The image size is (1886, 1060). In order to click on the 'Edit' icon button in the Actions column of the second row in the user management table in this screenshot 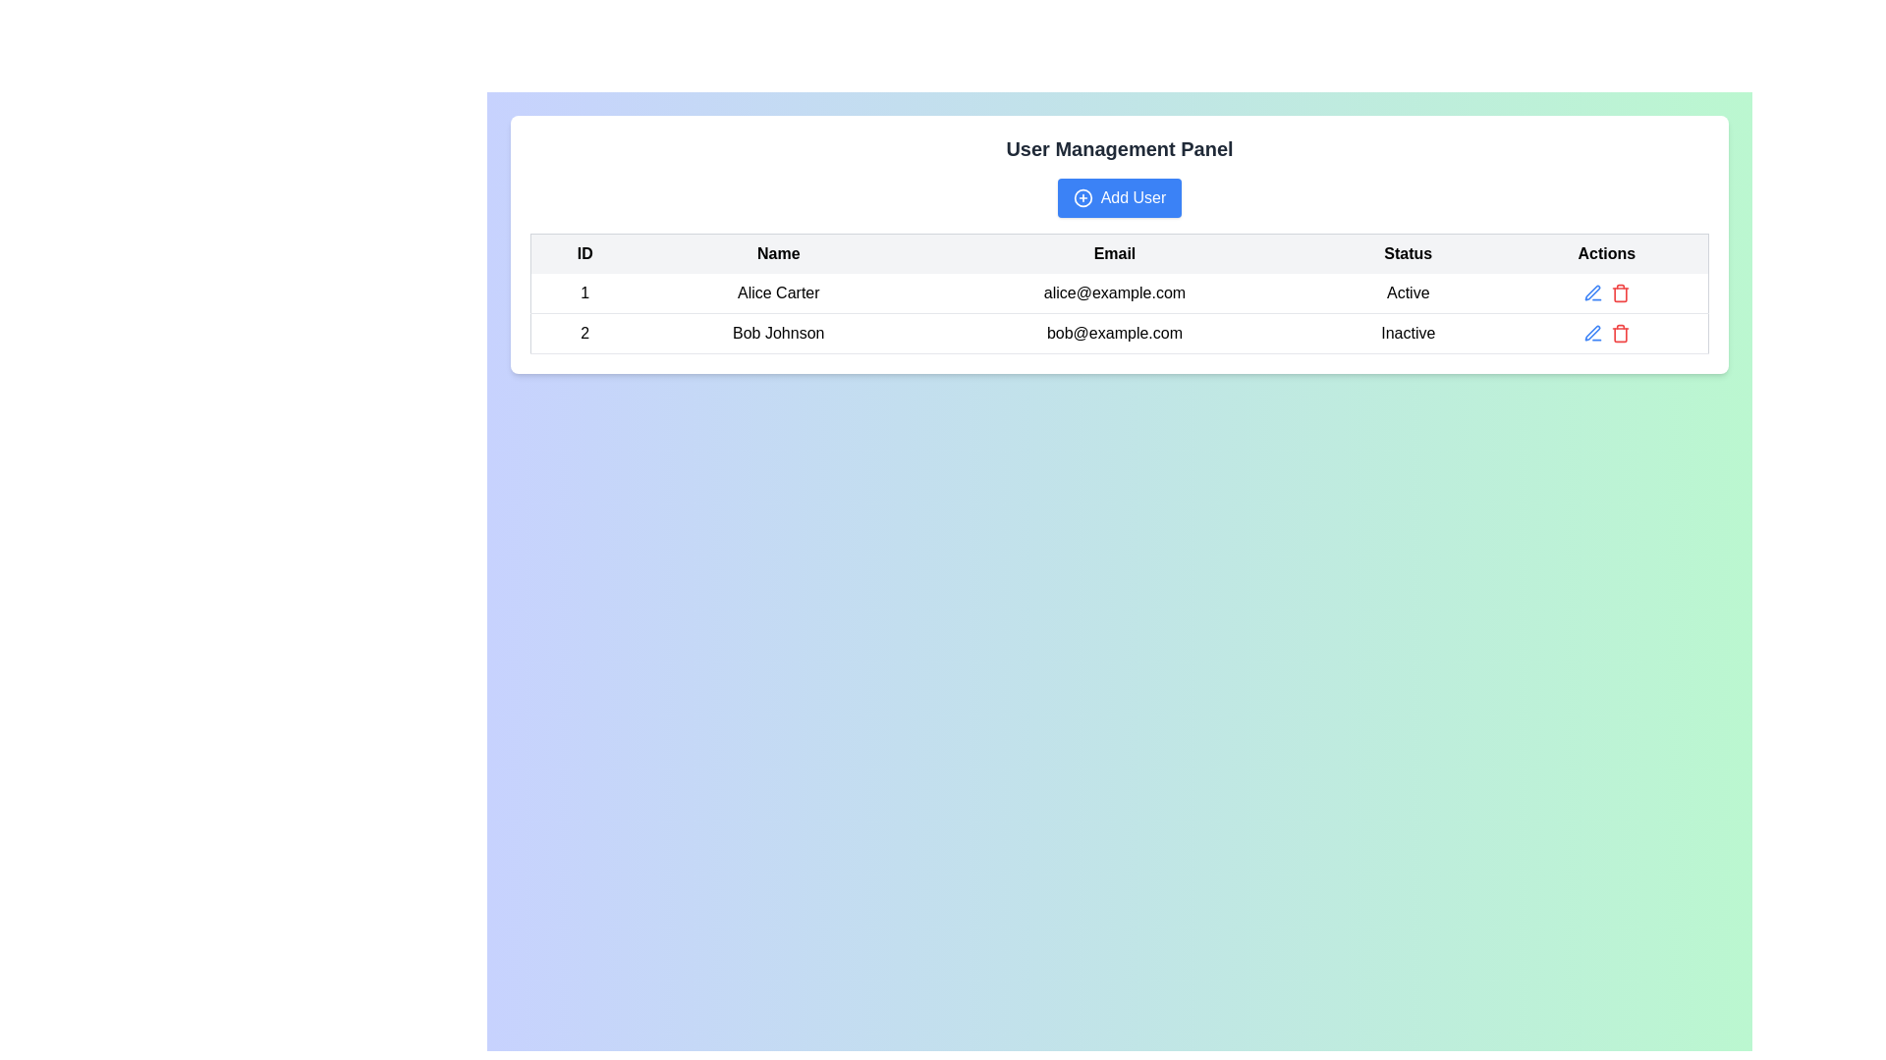, I will do `click(1592, 332)`.